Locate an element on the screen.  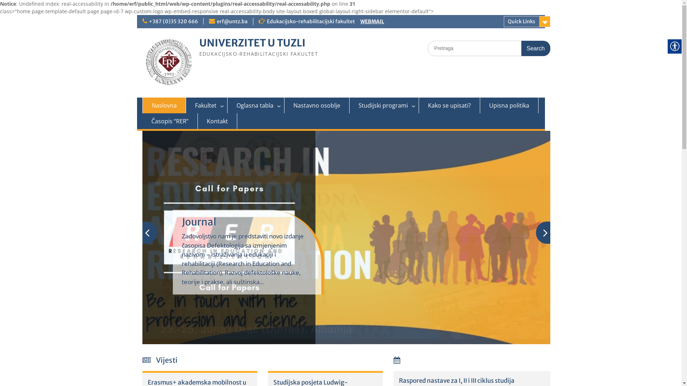
'Kako se upisati?' is located at coordinates (419, 105).